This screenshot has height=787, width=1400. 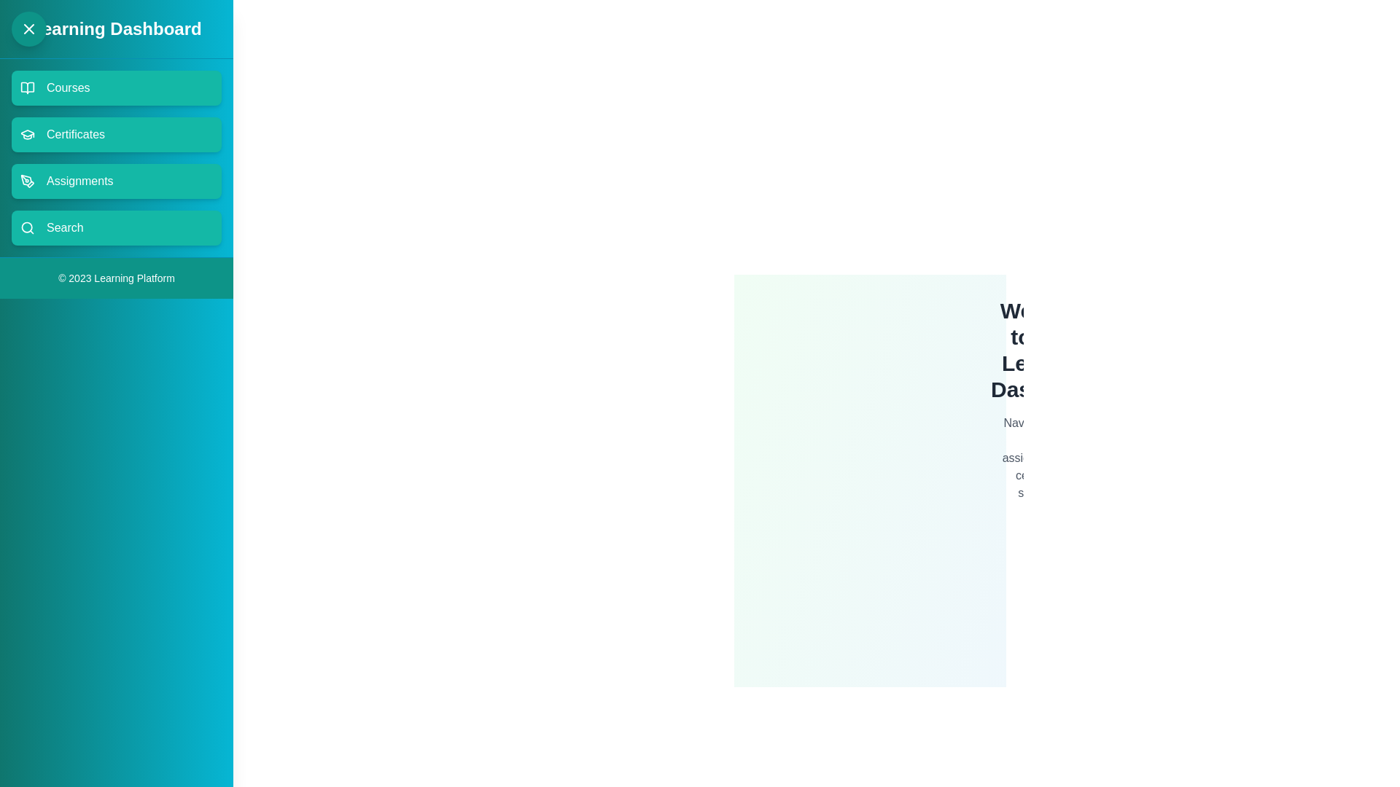 What do you see at coordinates (28, 28) in the screenshot?
I see `the circular teal button with a white 'X' icon` at bounding box center [28, 28].